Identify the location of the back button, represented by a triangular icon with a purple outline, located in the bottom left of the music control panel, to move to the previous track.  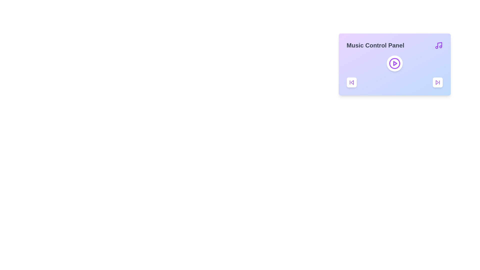
(352, 82).